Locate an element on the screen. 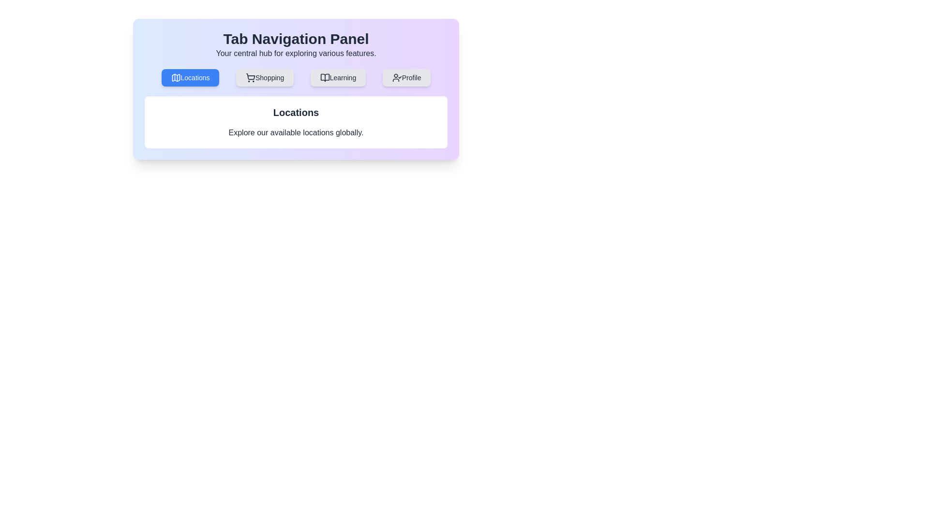 Image resolution: width=929 pixels, height=522 pixels. the Shopping tab by clicking on its button is located at coordinates (265, 77).